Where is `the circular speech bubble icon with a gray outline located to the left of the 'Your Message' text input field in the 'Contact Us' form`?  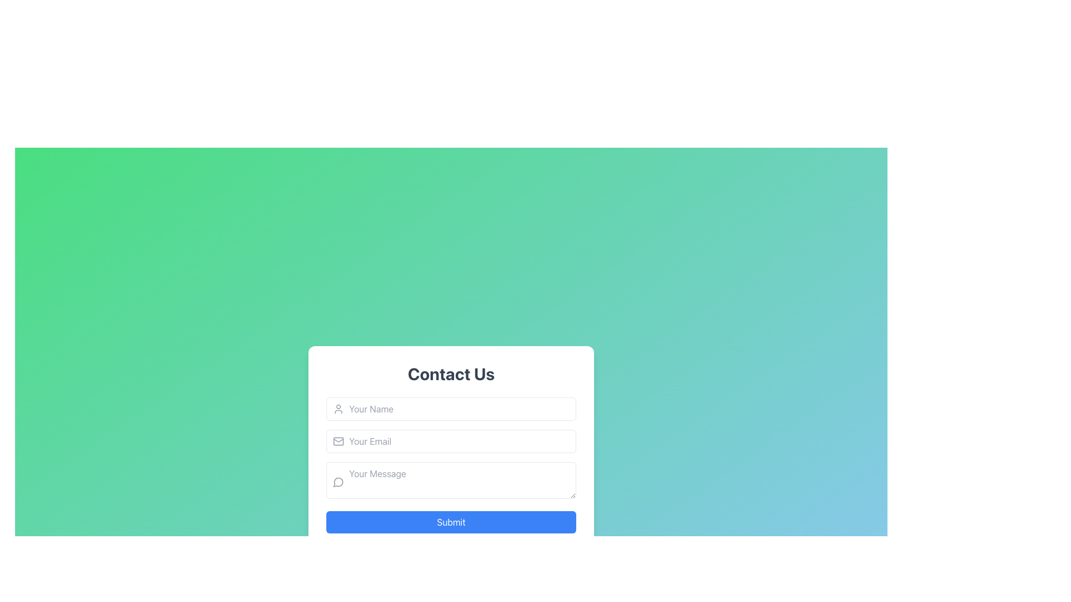
the circular speech bubble icon with a gray outline located to the left of the 'Your Message' text input field in the 'Contact Us' form is located at coordinates (337, 481).